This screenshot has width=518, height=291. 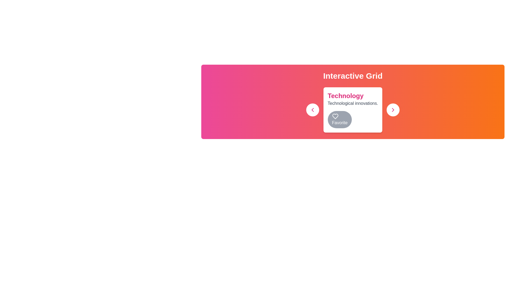 What do you see at coordinates (393, 110) in the screenshot?
I see `the right-pointing SVG arrow icon located within the circular button in the bottom-right corner of the interactive grid layout` at bounding box center [393, 110].